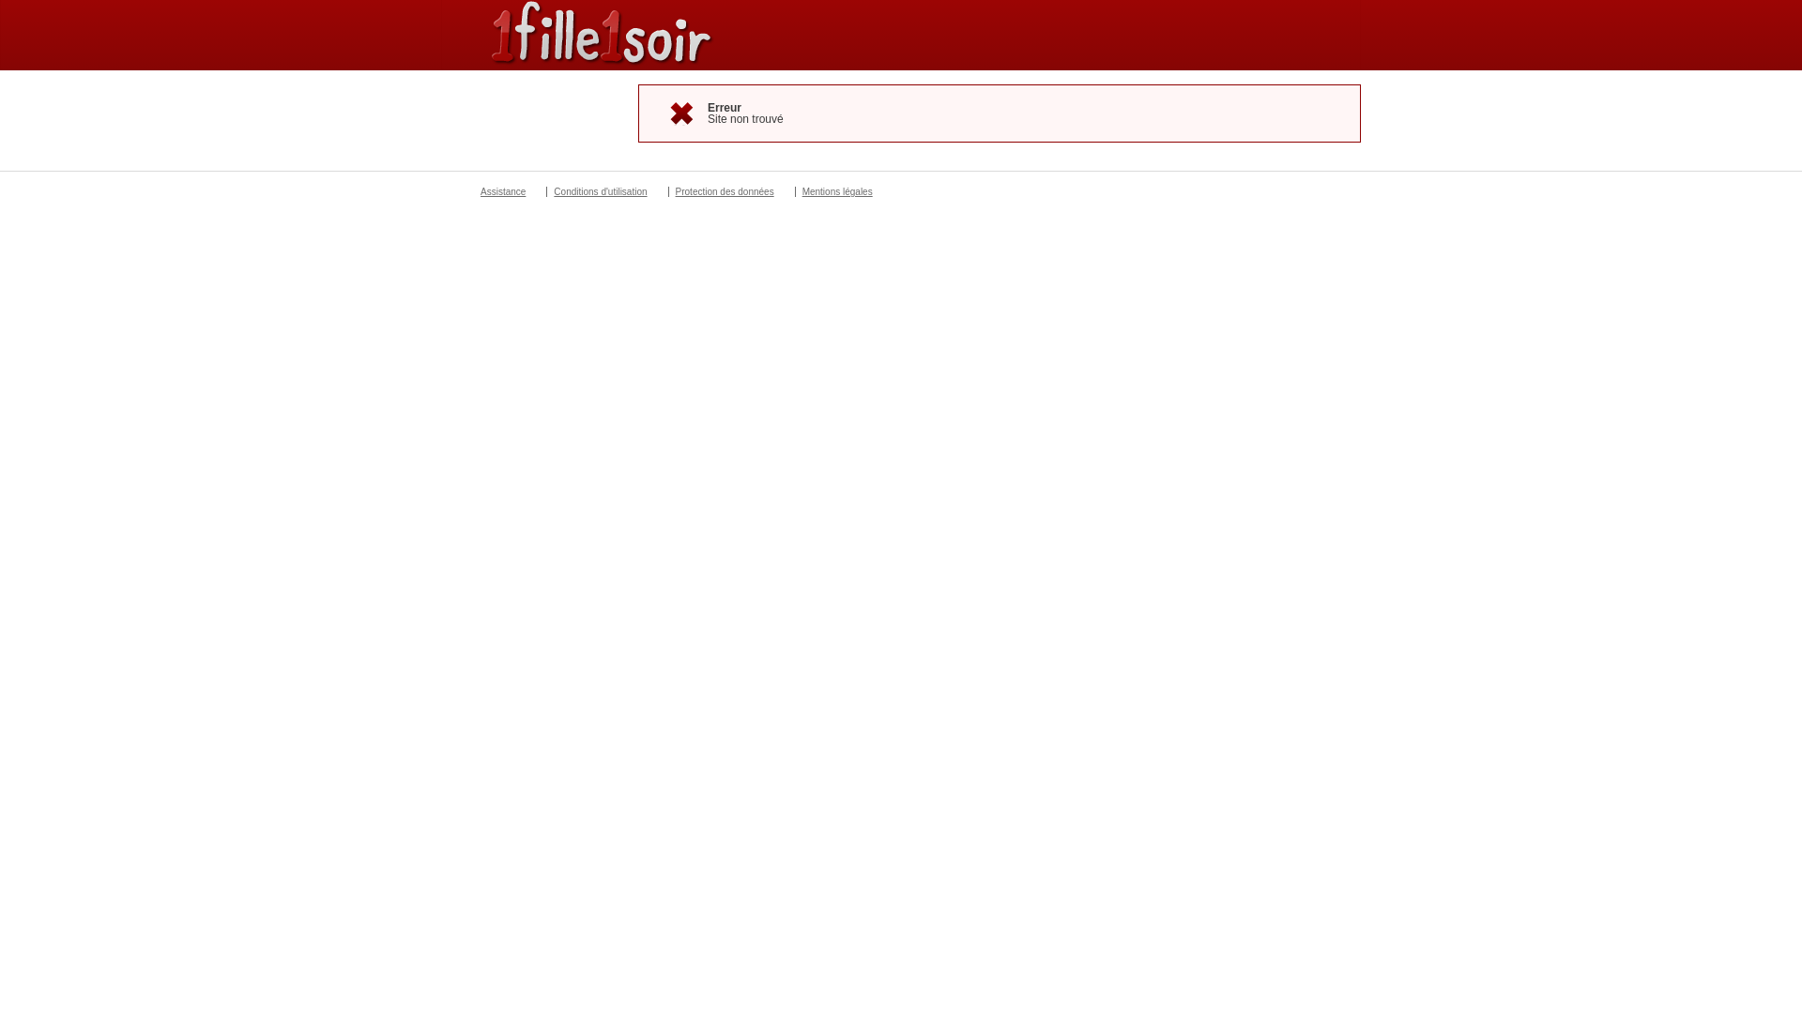 This screenshot has width=1802, height=1013. Describe the element at coordinates (598, 191) in the screenshot. I see `'Conditions d'utilisation'` at that location.